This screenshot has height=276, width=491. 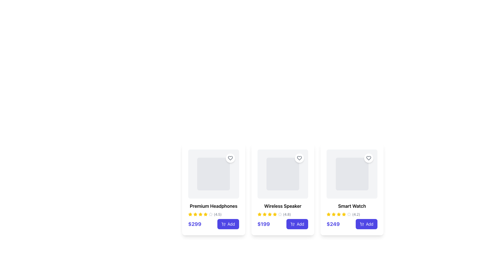 What do you see at coordinates (344, 214) in the screenshot?
I see `the third yellow rating star among the five stars under the 'Smart Watch' product to interact with the rating` at bounding box center [344, 214].